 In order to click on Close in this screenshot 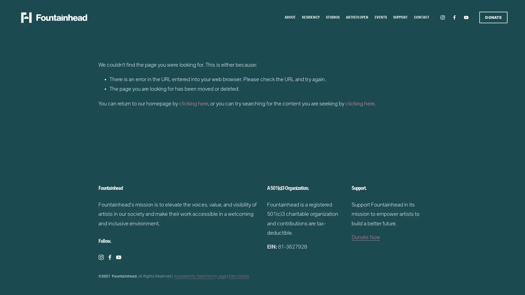, I will do `click(340, 99)`.